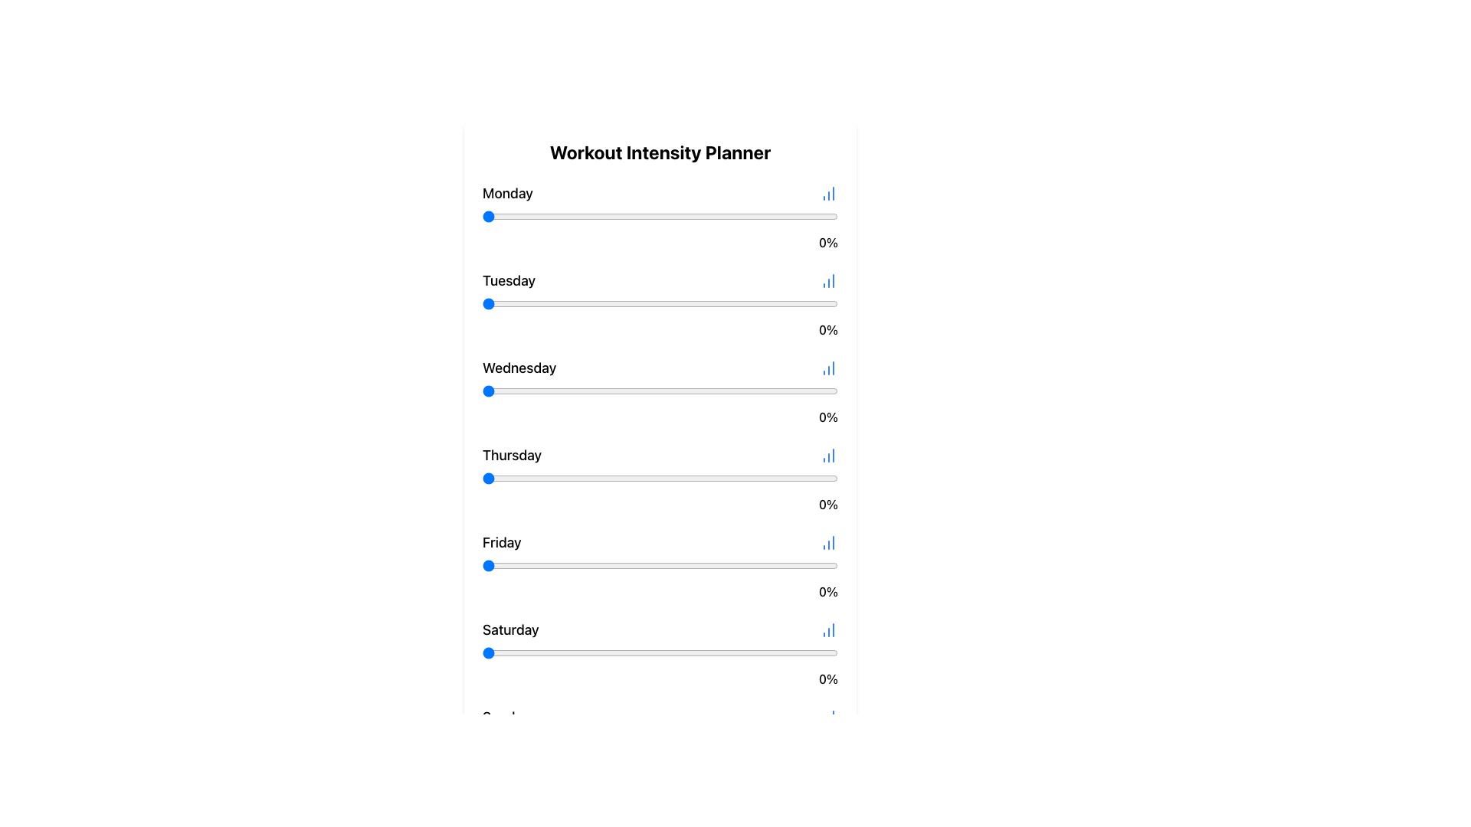  What do you see at coordinates (660, 505) in the screenshot?
I see `text content of the right-aligned text component displaying '0%' located beneath the slider bar in the Thursday section` at bounding box center [660, 505].